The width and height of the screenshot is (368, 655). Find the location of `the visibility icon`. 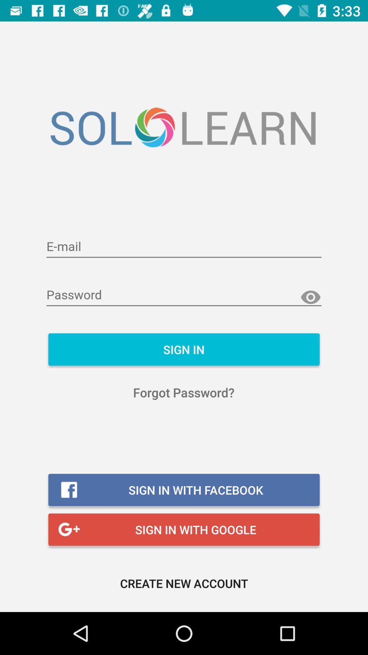

the visibility icon is located at coordinates (310, 297).